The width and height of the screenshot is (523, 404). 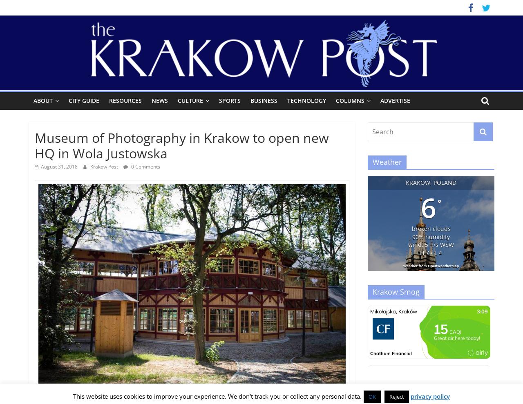 What do you see at coordinates (397, 396) in the screenshot?
I see `'Reject'` at bounding box center [397, 396].